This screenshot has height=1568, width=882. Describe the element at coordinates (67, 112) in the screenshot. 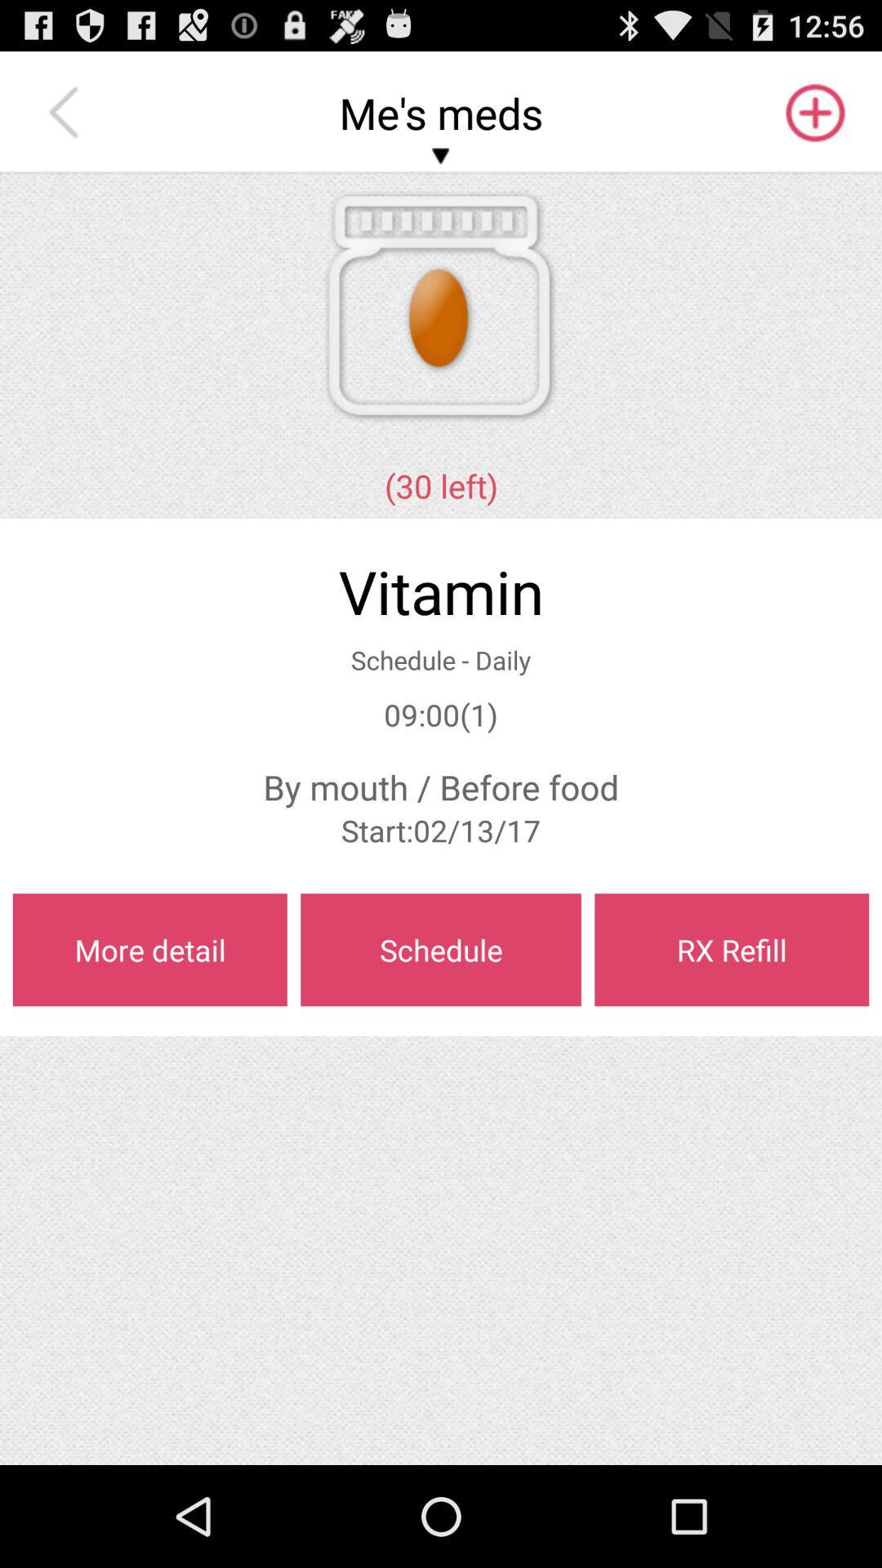

I see `the item at the top left corner` at that location.